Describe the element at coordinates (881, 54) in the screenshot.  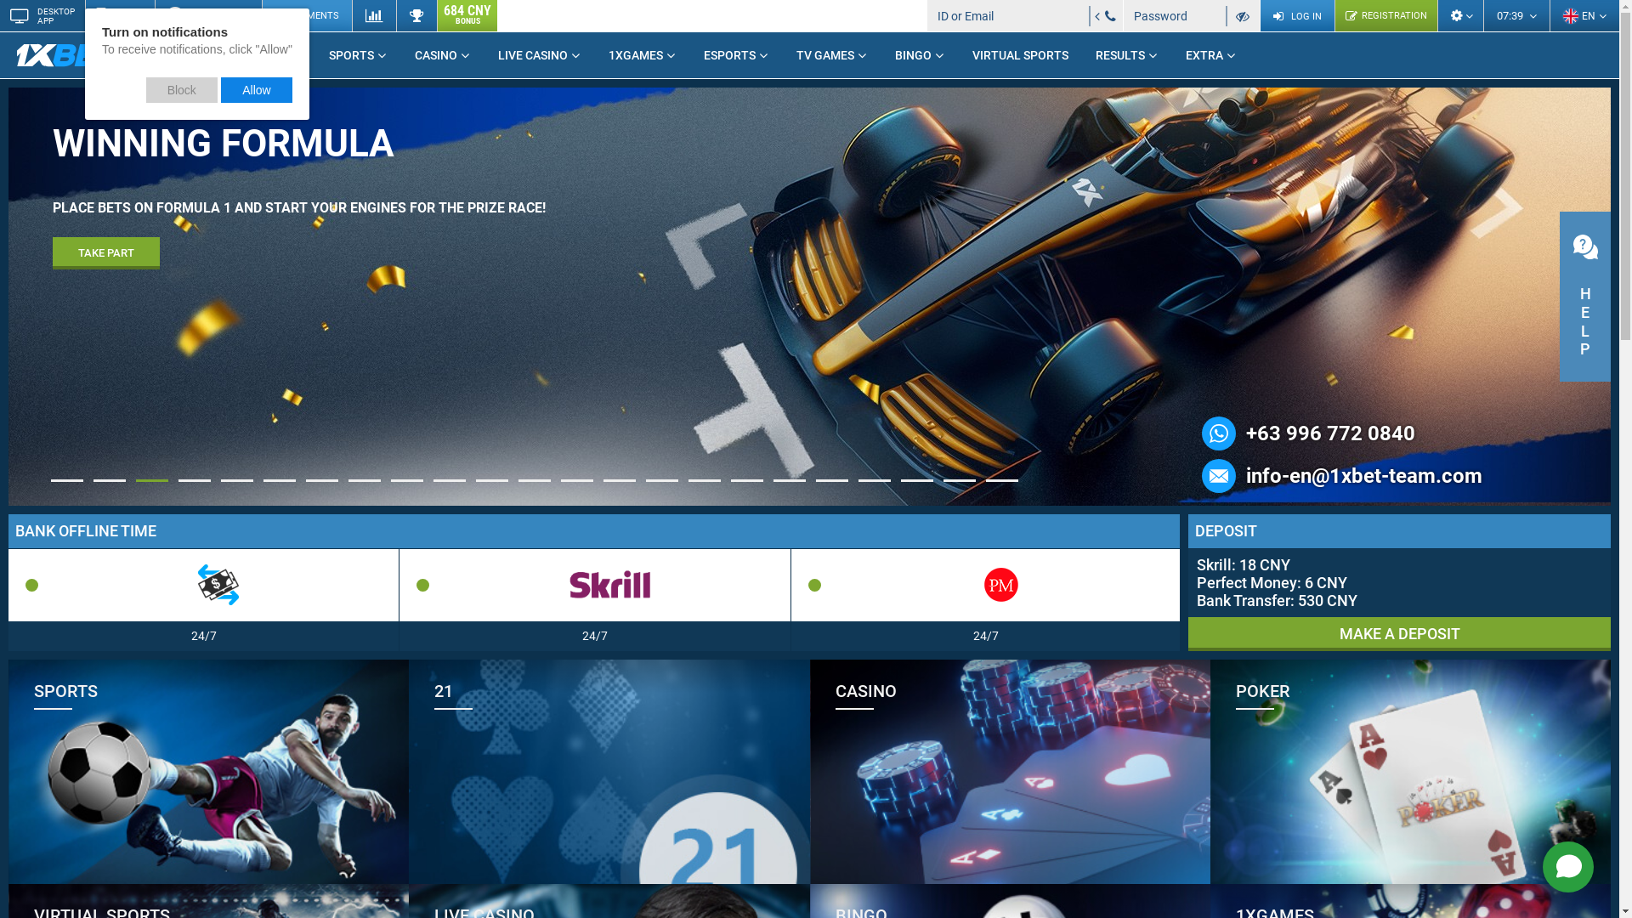
I see `'BINGO'` at that location.